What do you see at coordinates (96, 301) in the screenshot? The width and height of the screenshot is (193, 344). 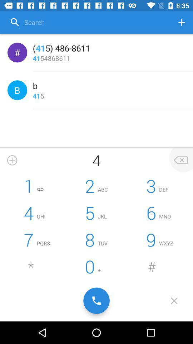 I see `call the phone` at bounding box center [96, 301].